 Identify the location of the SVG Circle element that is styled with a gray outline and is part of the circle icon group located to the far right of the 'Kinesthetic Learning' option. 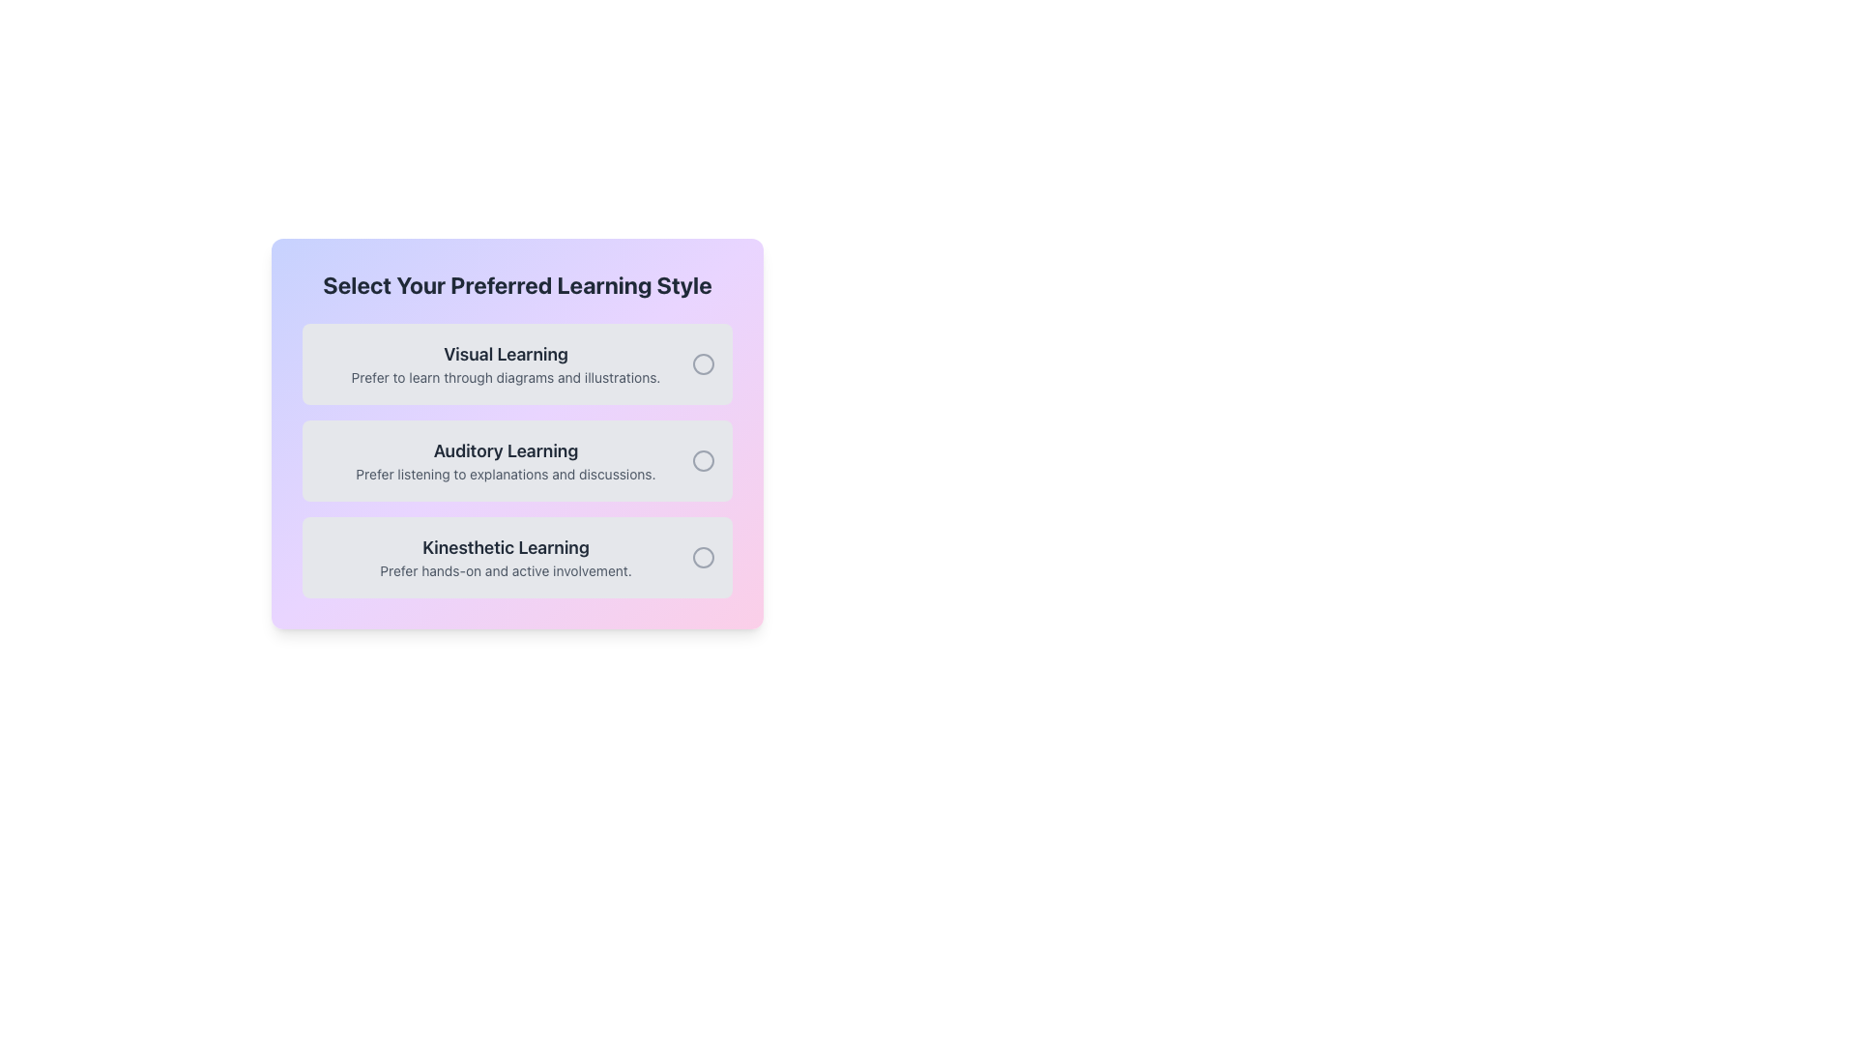
(703, 558).